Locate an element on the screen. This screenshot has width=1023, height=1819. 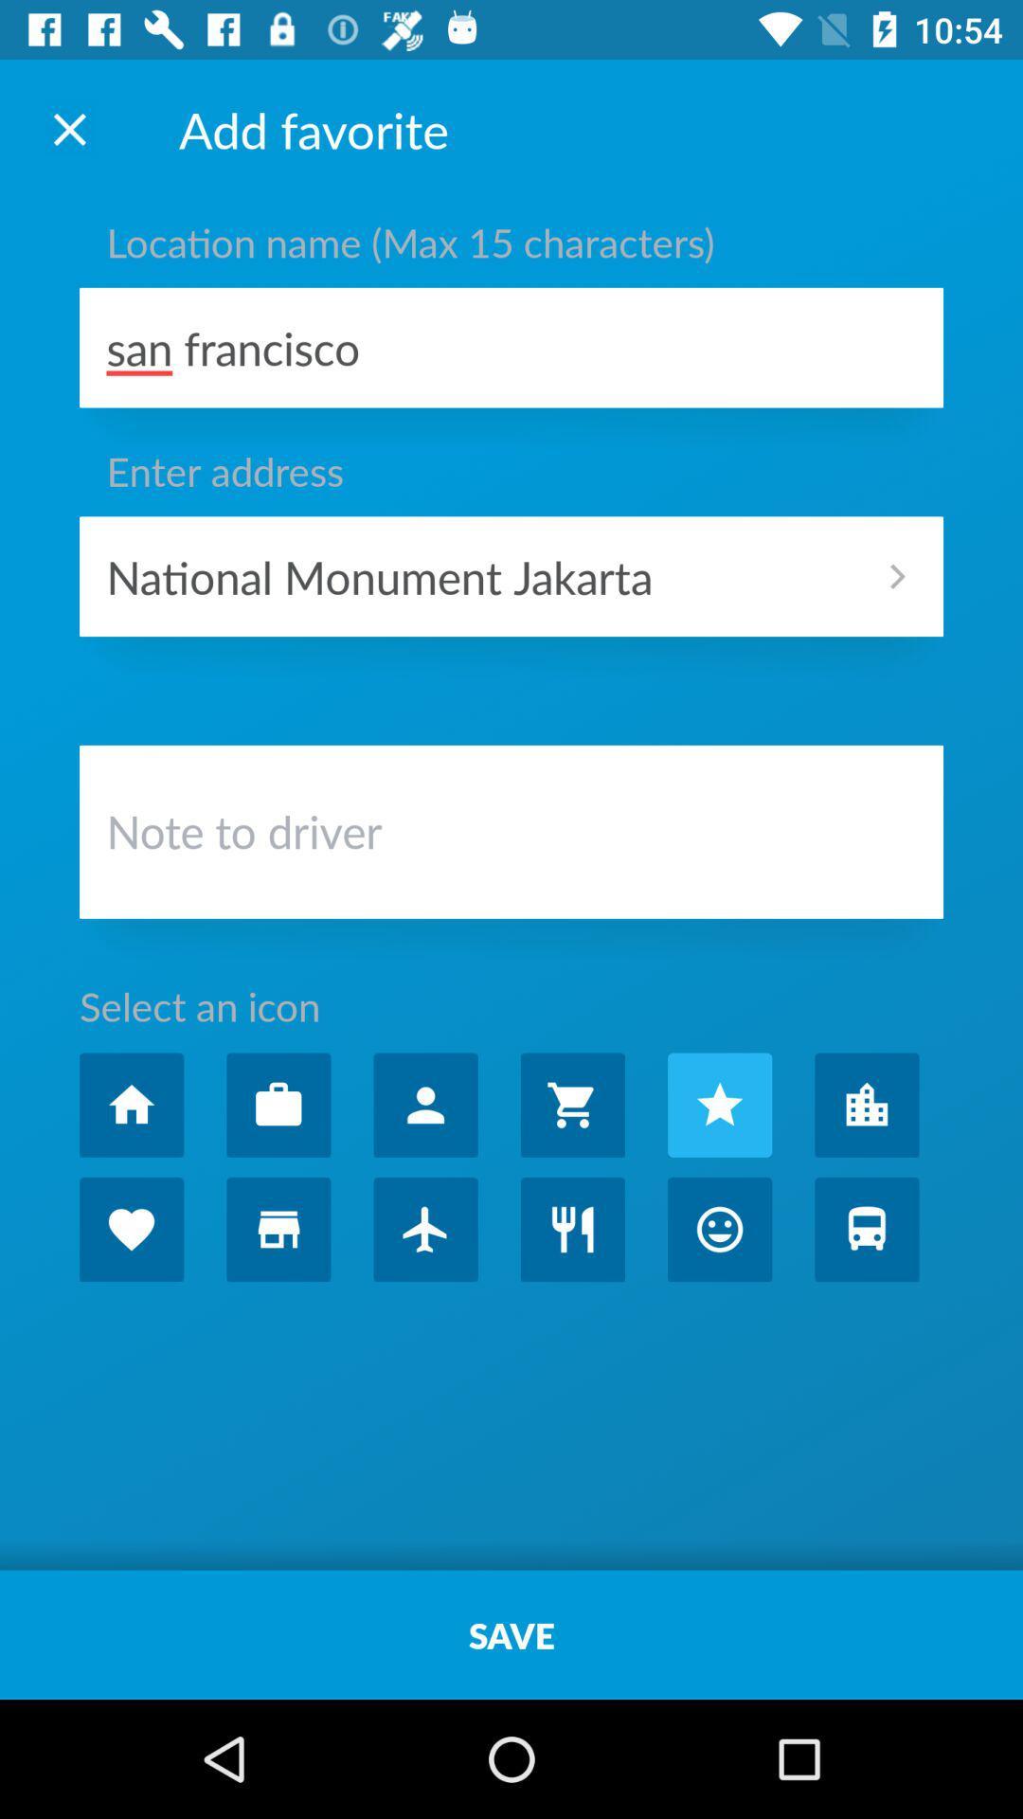
click briefcase is located at coordinates (278, 1105).